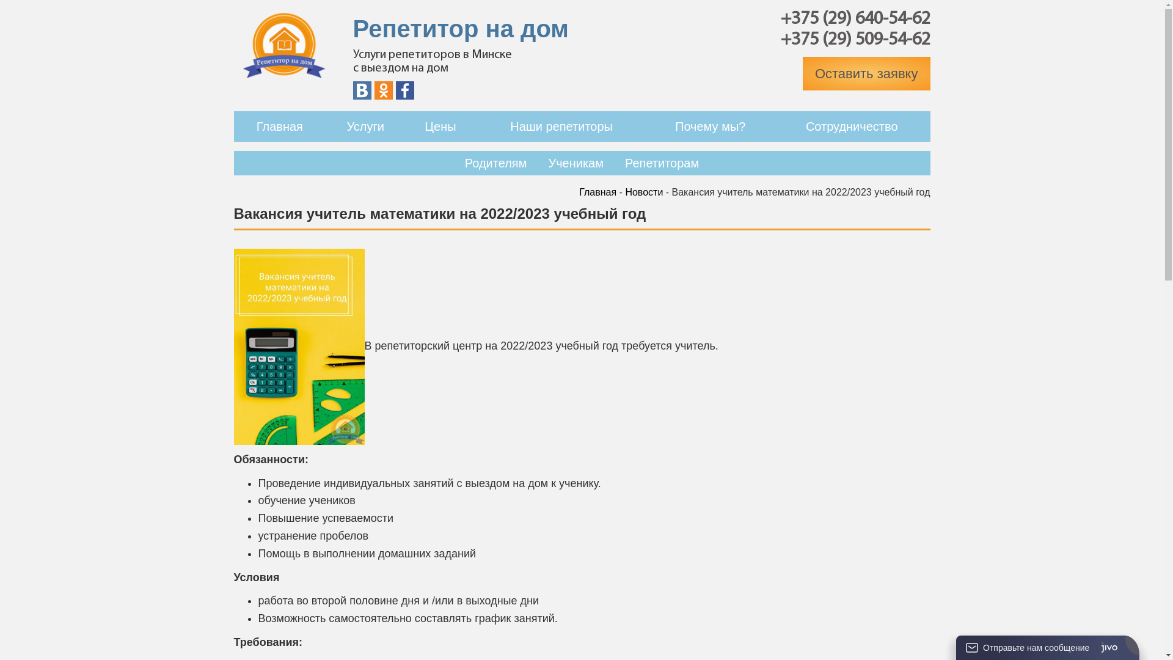 The image size is (1173, 660). Describe the element at coordinates (780, 19) in the screenshot. I see `'+375 (29) 640-54-62'` at that location.